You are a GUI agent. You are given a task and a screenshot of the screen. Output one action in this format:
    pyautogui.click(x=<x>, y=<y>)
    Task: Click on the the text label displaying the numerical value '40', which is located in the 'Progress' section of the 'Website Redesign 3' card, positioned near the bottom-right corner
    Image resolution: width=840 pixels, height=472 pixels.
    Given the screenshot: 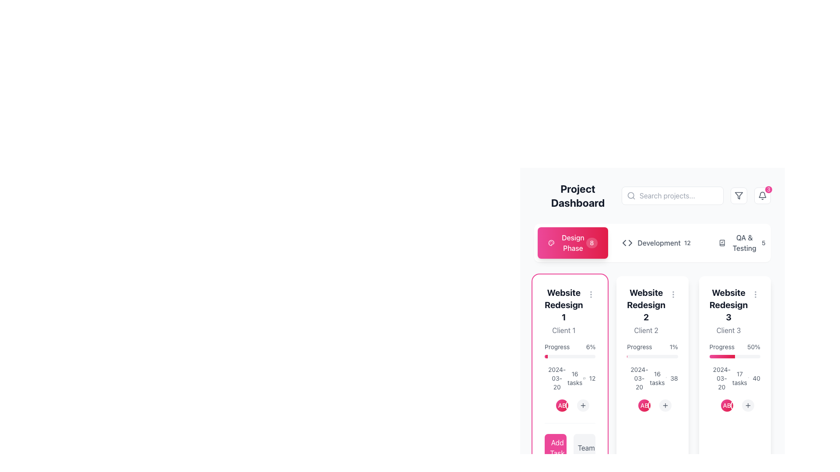 What is the action you would take?
    pyautogui.click(x=756, y=378)
    